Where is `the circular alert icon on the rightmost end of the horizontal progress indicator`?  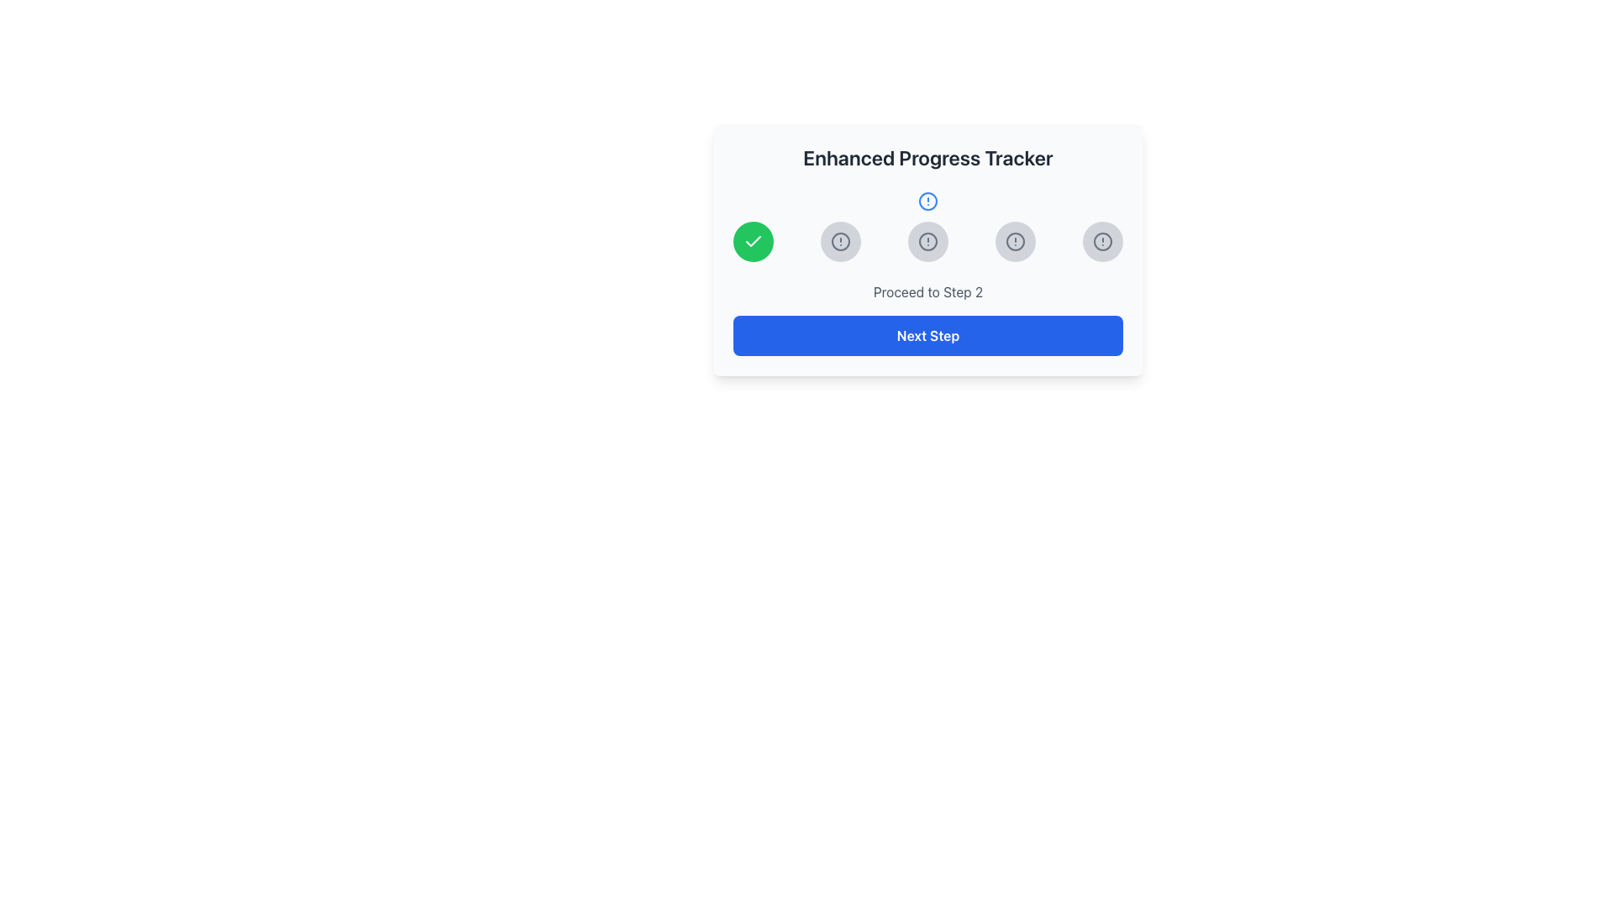
the circular alert icon on the rightmost end of the horizontal progress indicator is located at coordinates (1103, 242).